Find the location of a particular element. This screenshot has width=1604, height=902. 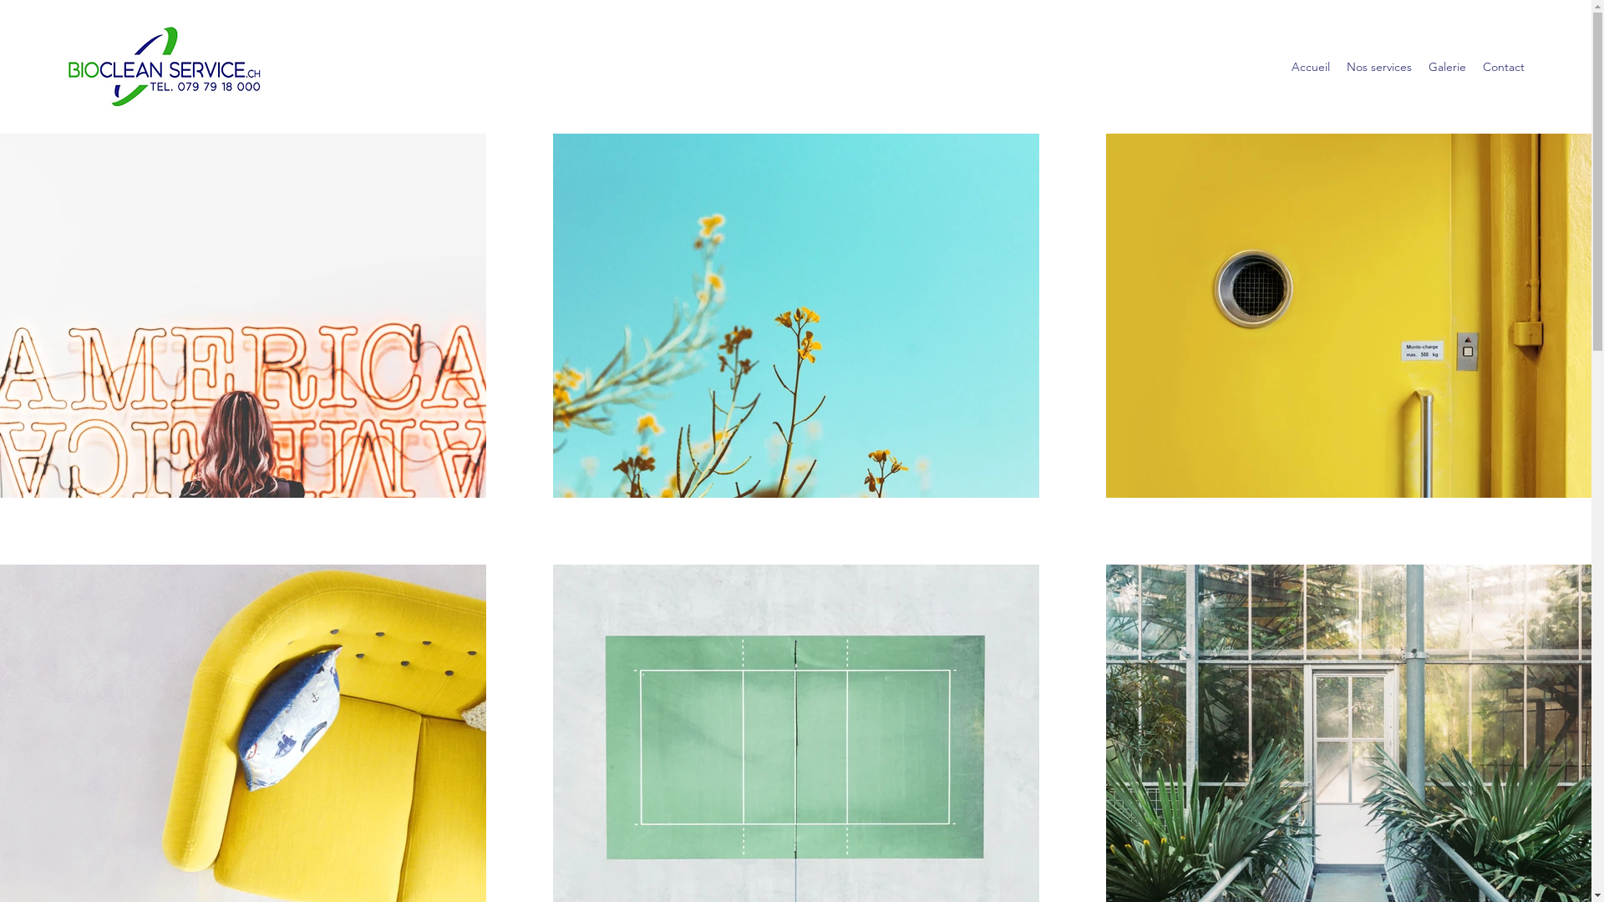

'Galerie' is located at coordinates (1419, 66).